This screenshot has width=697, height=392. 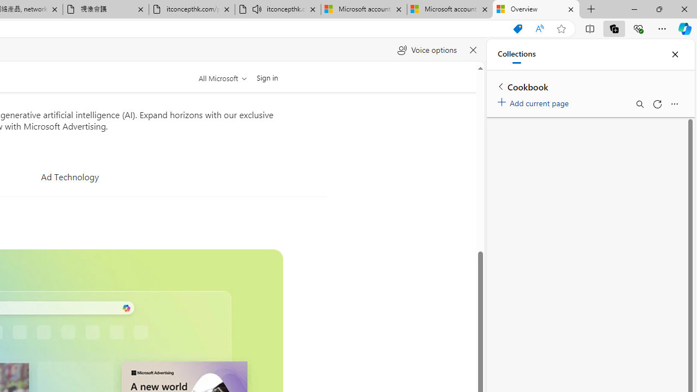 What do you see at coordinates (500, 86) in the screenshot?
I see `'Back to list of collections'` at bounding box center [500, 86].